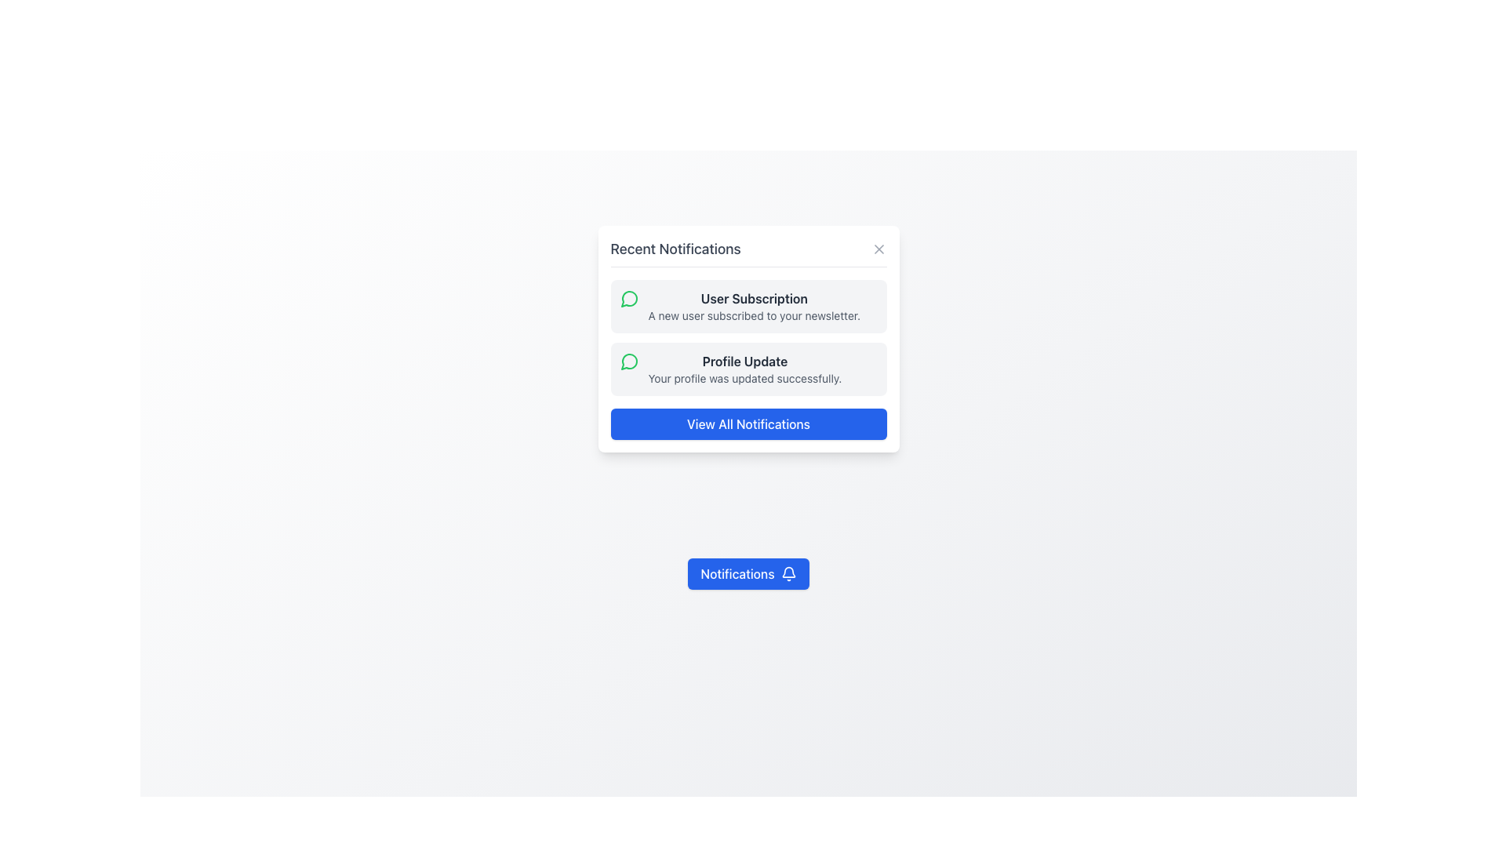 The height and width of the screenshot is (847, 1506). What do you see at coordinates (629, 299) in the screenshot?
I see `the first icon in the left part of the 'User Subscription' notification card` at bounding box center [629, 299].